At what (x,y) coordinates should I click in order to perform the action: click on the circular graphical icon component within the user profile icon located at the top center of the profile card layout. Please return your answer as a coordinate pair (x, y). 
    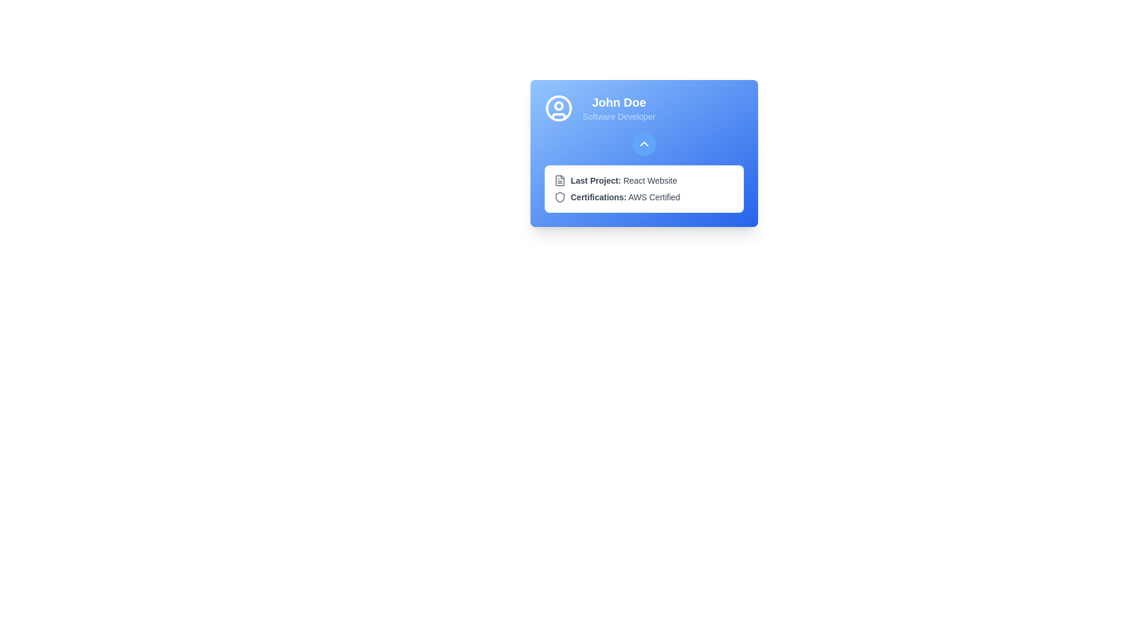
    Looking at the image, I should click on (558, 105).